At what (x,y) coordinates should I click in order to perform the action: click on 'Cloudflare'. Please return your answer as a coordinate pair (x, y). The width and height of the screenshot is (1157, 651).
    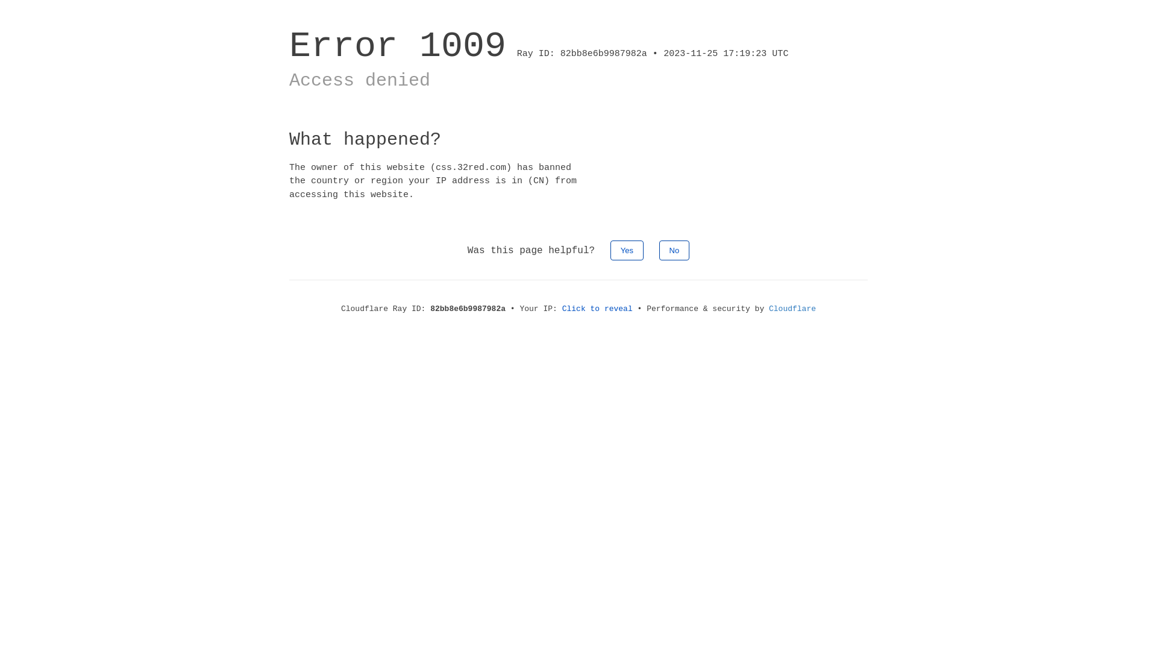
    Looking at the image, I should click on (768, 308).